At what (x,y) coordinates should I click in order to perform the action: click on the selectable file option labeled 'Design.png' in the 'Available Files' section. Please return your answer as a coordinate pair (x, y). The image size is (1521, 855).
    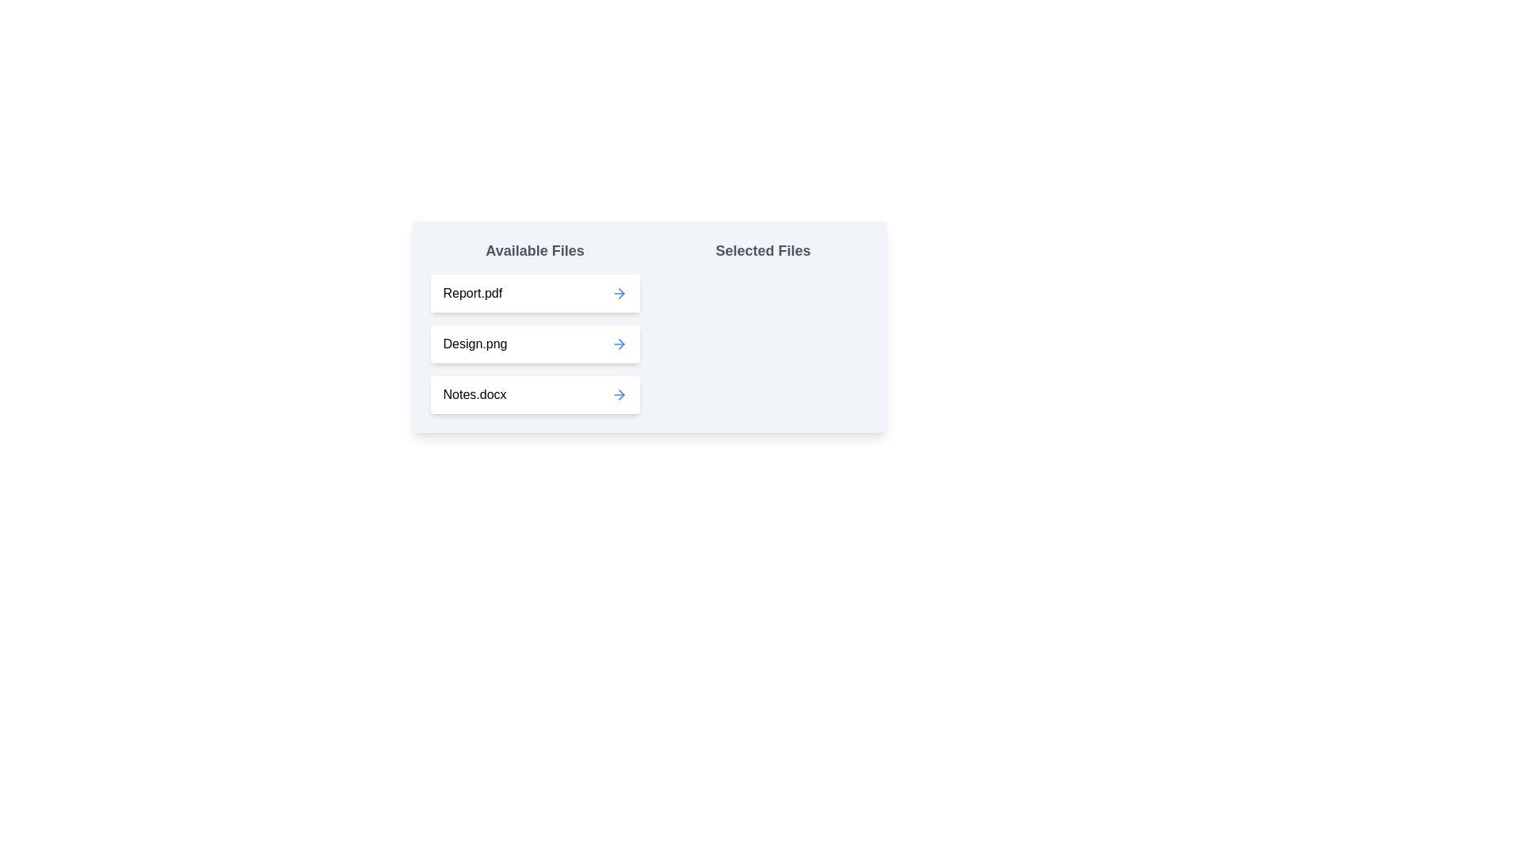
    Looking at the image, I should click on (535, 344).